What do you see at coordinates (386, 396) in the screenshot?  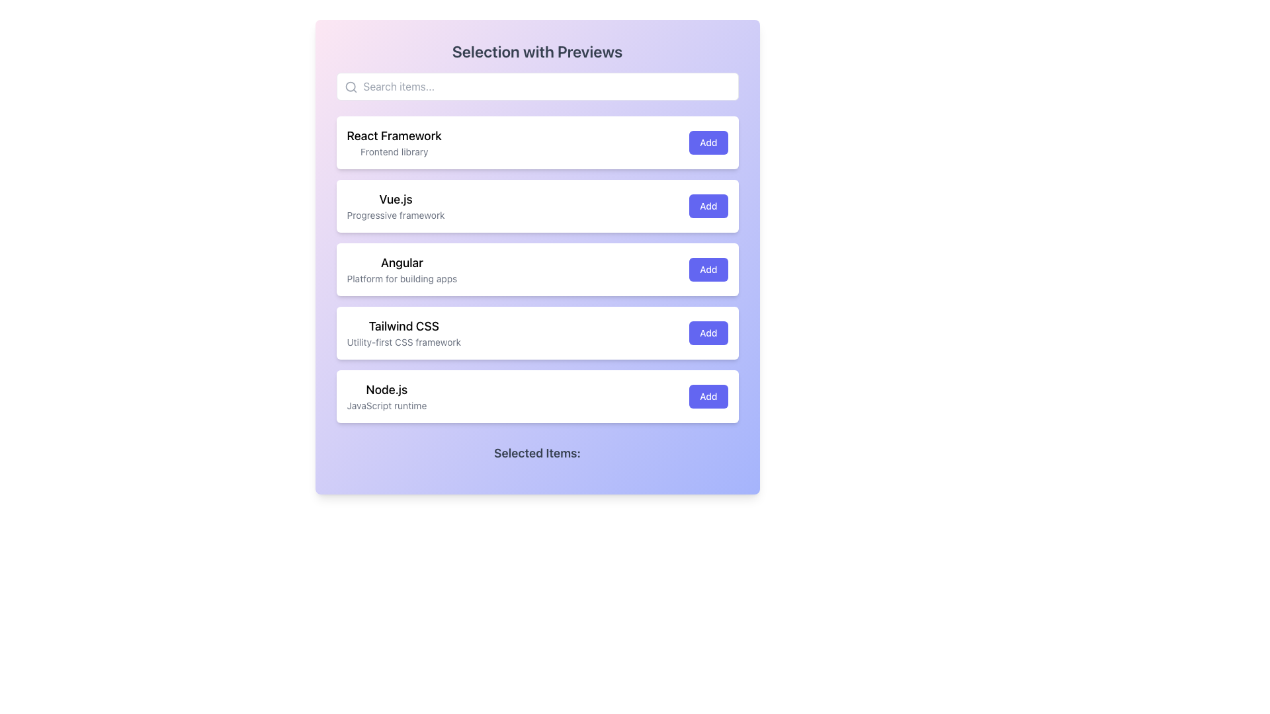 I see `the descriptive label or text field displaying 'Node.js' in bold and 'JavaScript runtime' in gray, located in the fifth row of the list, below 'Tailwind CSS'` at bounding box center [386, 396].